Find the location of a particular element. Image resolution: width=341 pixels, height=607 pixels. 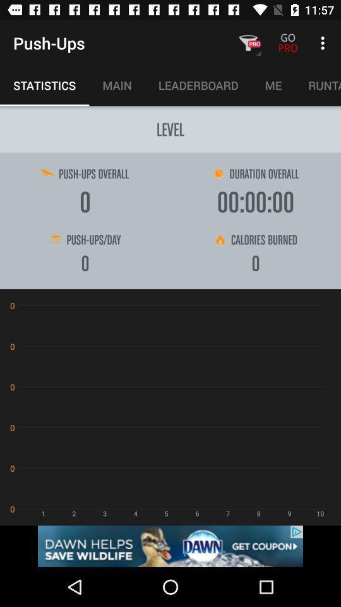

the button between main and me is located at coordinates (198, 84).